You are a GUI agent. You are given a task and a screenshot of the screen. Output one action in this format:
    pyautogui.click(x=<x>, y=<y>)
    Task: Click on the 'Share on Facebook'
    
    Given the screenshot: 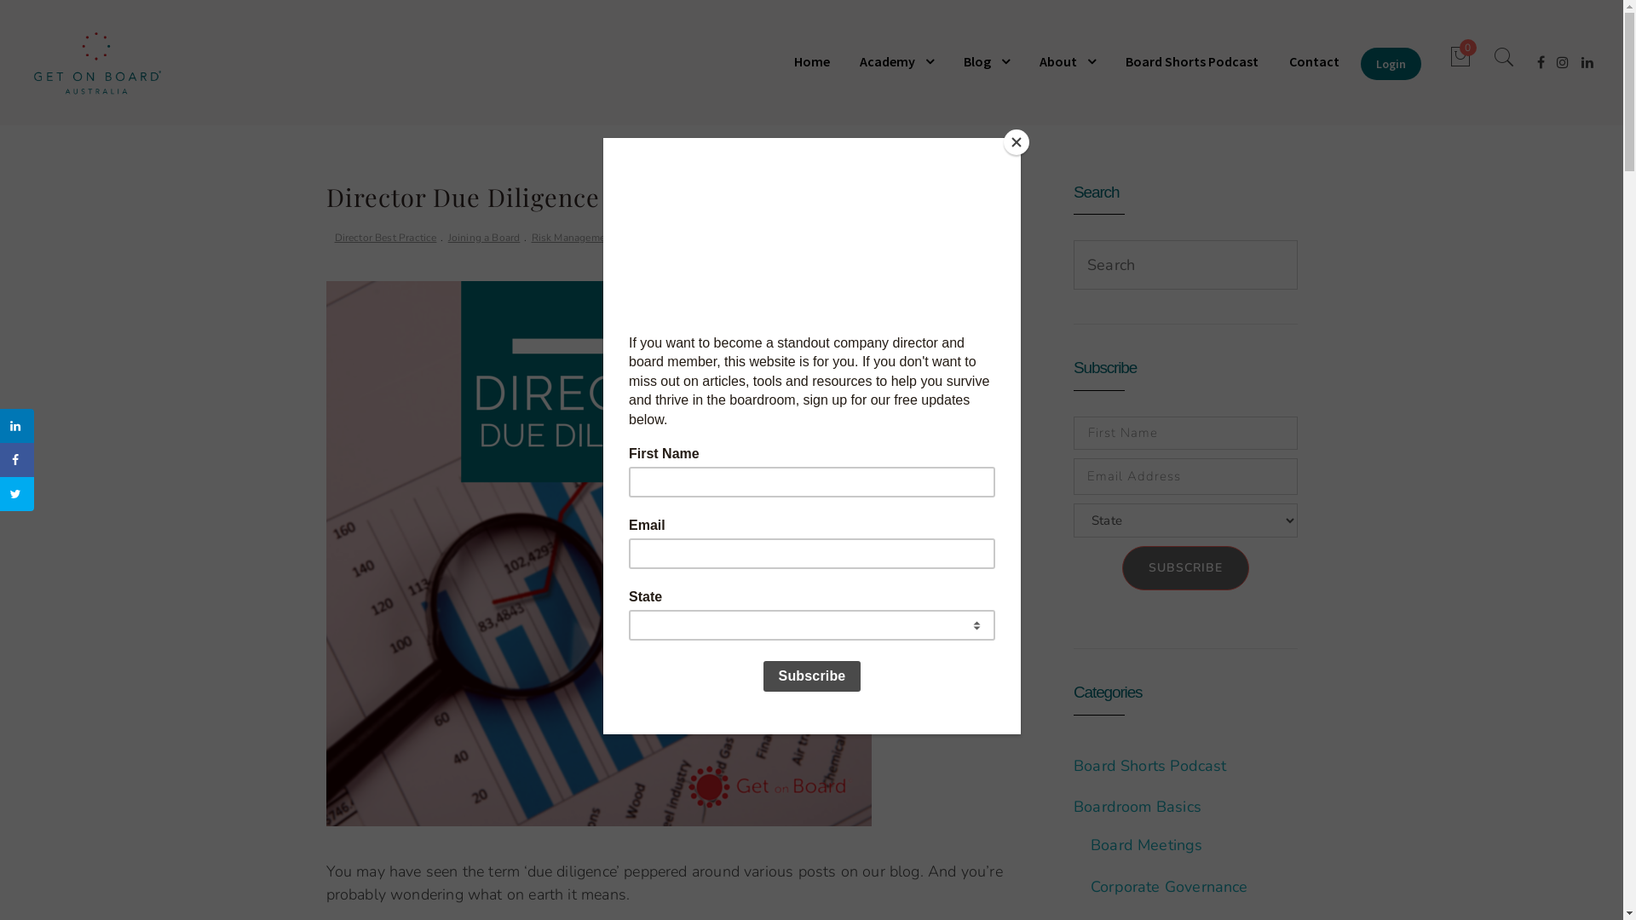 What is the action you would take?
    pyautogui.click(x=16, y=460)
    